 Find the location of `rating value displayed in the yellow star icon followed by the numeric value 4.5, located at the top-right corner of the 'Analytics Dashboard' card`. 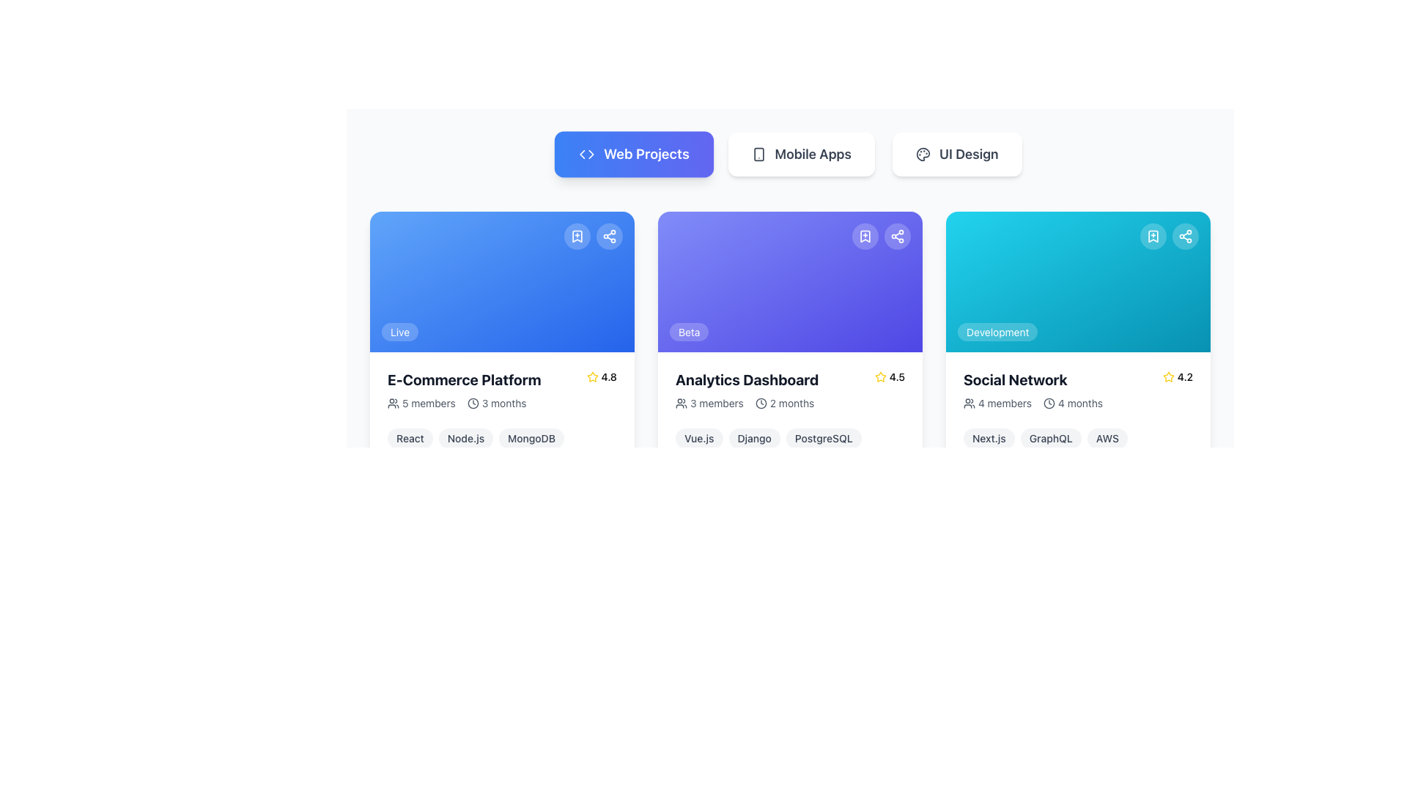

rating value displayed in the yellow star icon followed by the numeric value 4.5, located at the top-right corner of the 'Analytics Dashboard' card is located at coordinates (889, 376).